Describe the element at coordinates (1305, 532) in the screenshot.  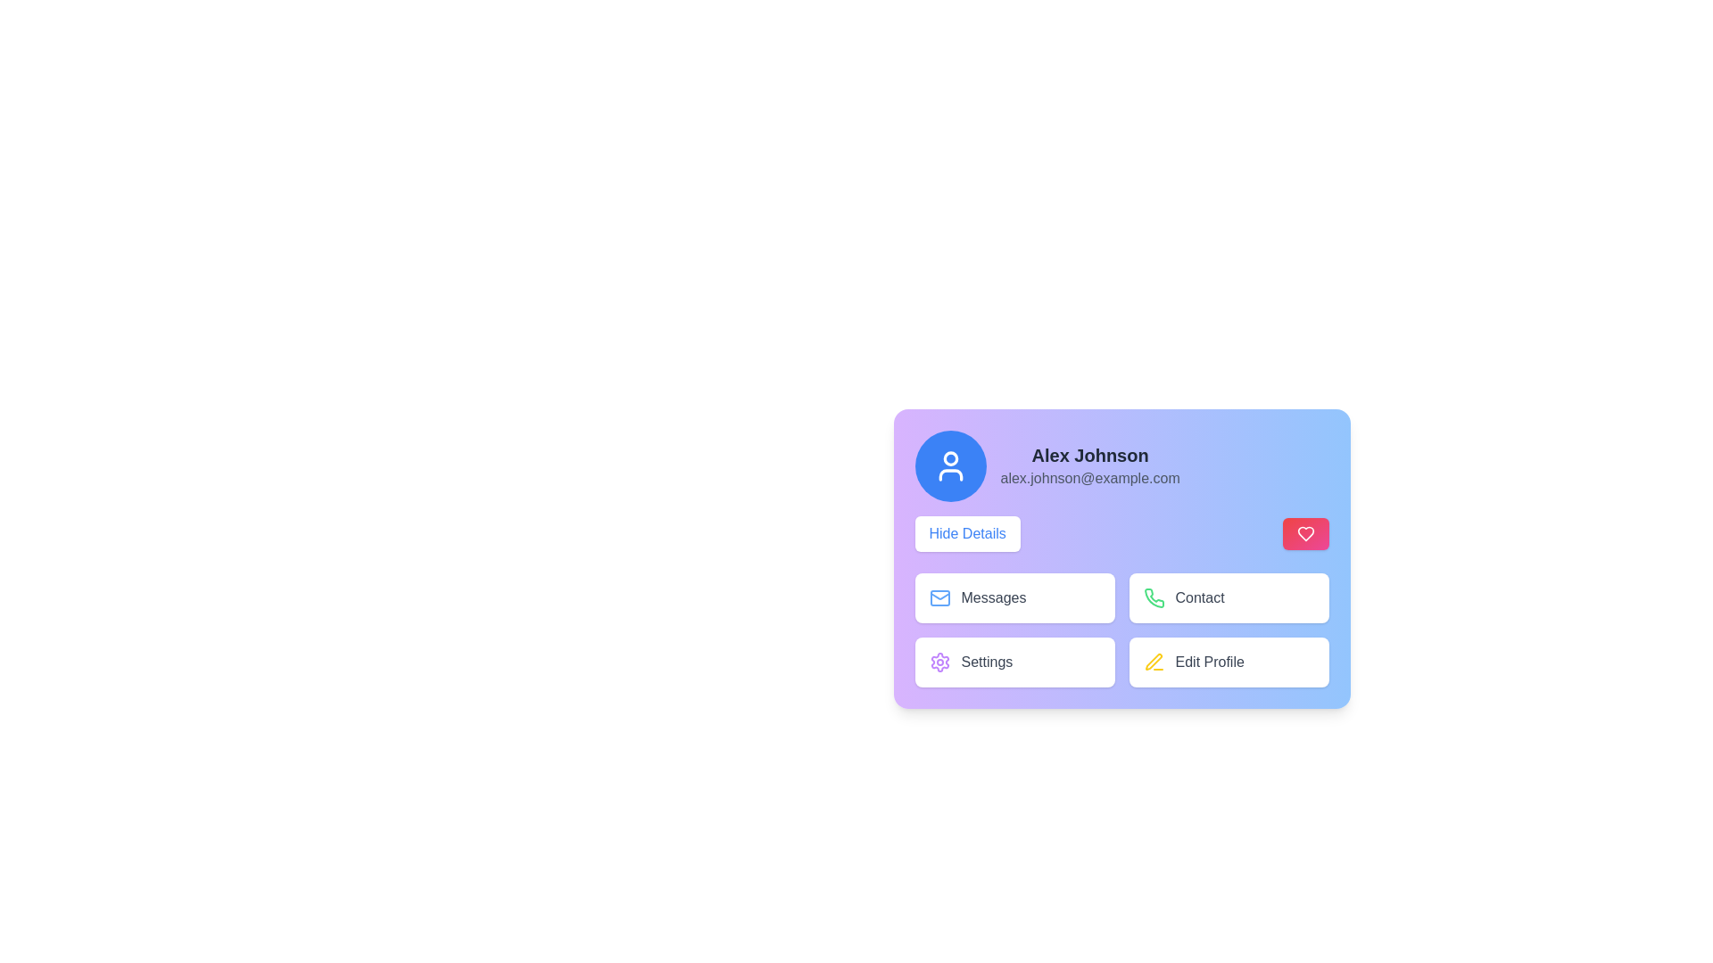
I see `the heart-shaped icon located in the top-right corner of the card layout to interact with it` at that location.